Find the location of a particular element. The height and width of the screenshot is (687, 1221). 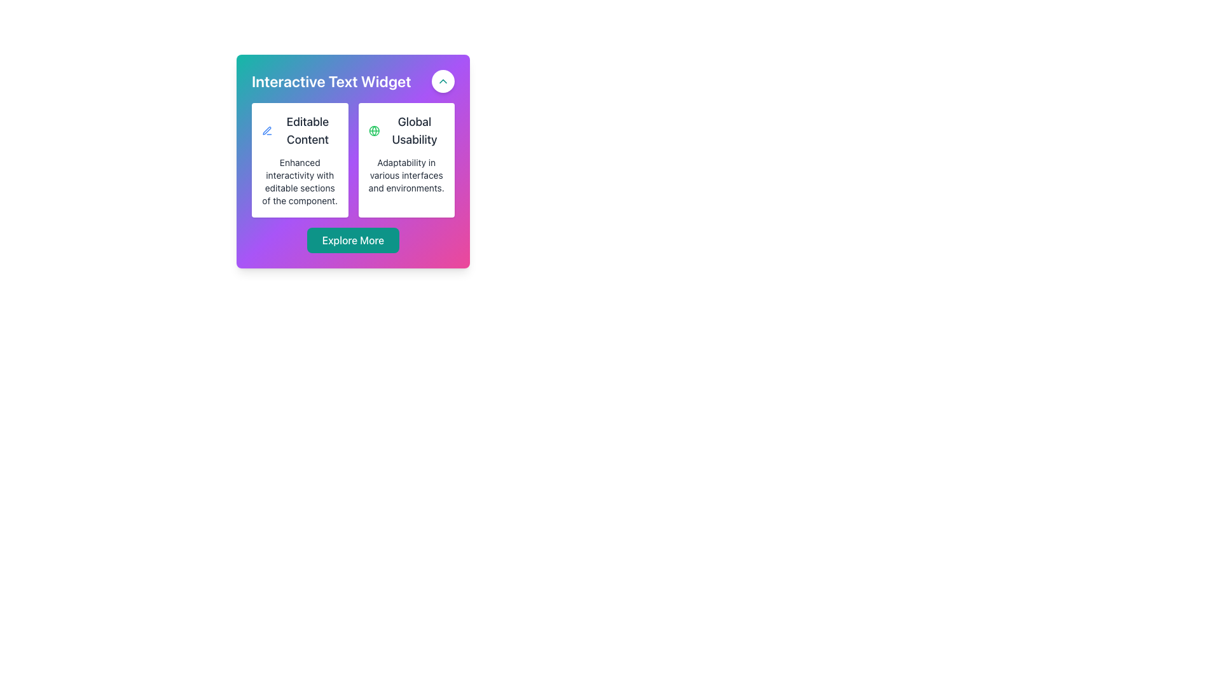

the 'Editable Content' label with the blue pen icon located in the first card of the layout by moving the cursor to its center is located at coordinates (299, 130).